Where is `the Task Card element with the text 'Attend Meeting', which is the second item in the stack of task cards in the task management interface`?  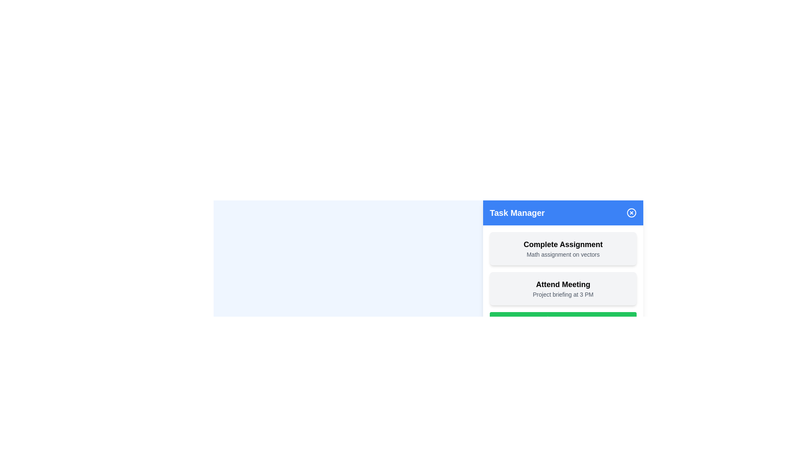 the Task Card element with the text 'Attend Meeting', which is the second item in the stack of task cards in the task management interface is located at coordinates (563, 288).